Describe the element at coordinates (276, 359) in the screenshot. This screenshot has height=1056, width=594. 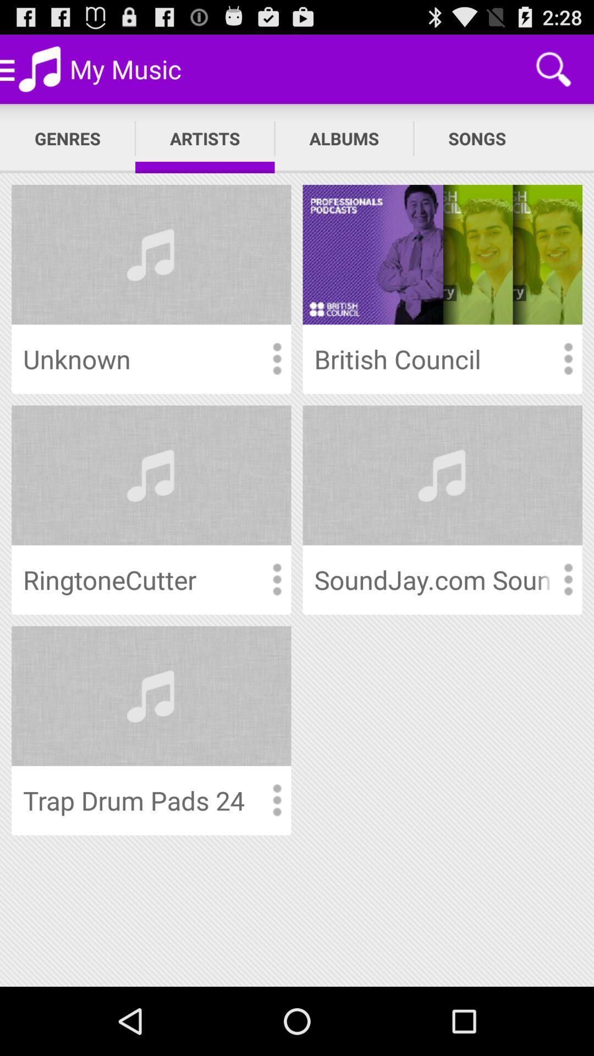
I see `item menu` at that location.